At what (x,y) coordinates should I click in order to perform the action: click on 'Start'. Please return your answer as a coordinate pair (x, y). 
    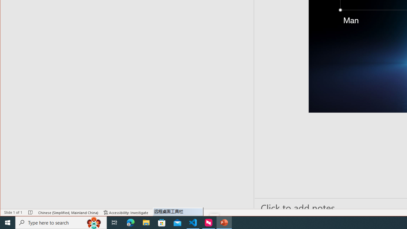
    Looking at the image, I should click on (8, 222).